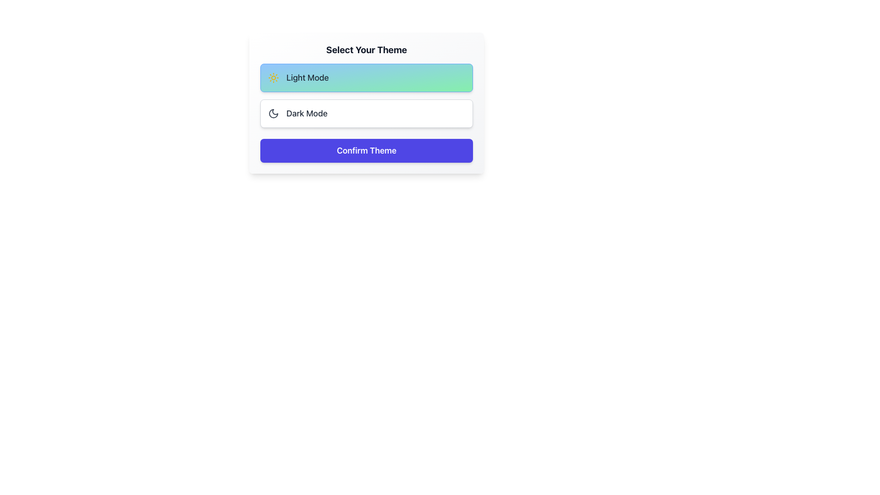 Image resolution: width=880 pixels, height=495 pixels. I want to click on the sun icon representing 'Light Mode', which is located at the leftmost part of the section and adjacent to the text label 'Light Mode', so click(273, 77).